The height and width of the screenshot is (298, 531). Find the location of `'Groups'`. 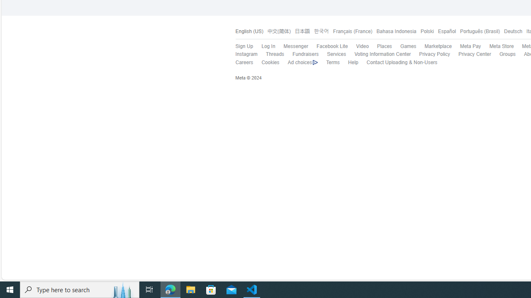

'Groups' is located at coordinates (503, 54).